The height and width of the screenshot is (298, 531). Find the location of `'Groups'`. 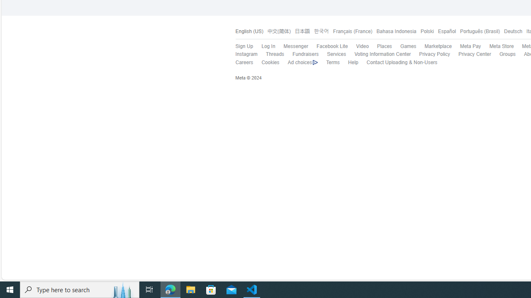

'Groups' is located at coordinates (503, 54).